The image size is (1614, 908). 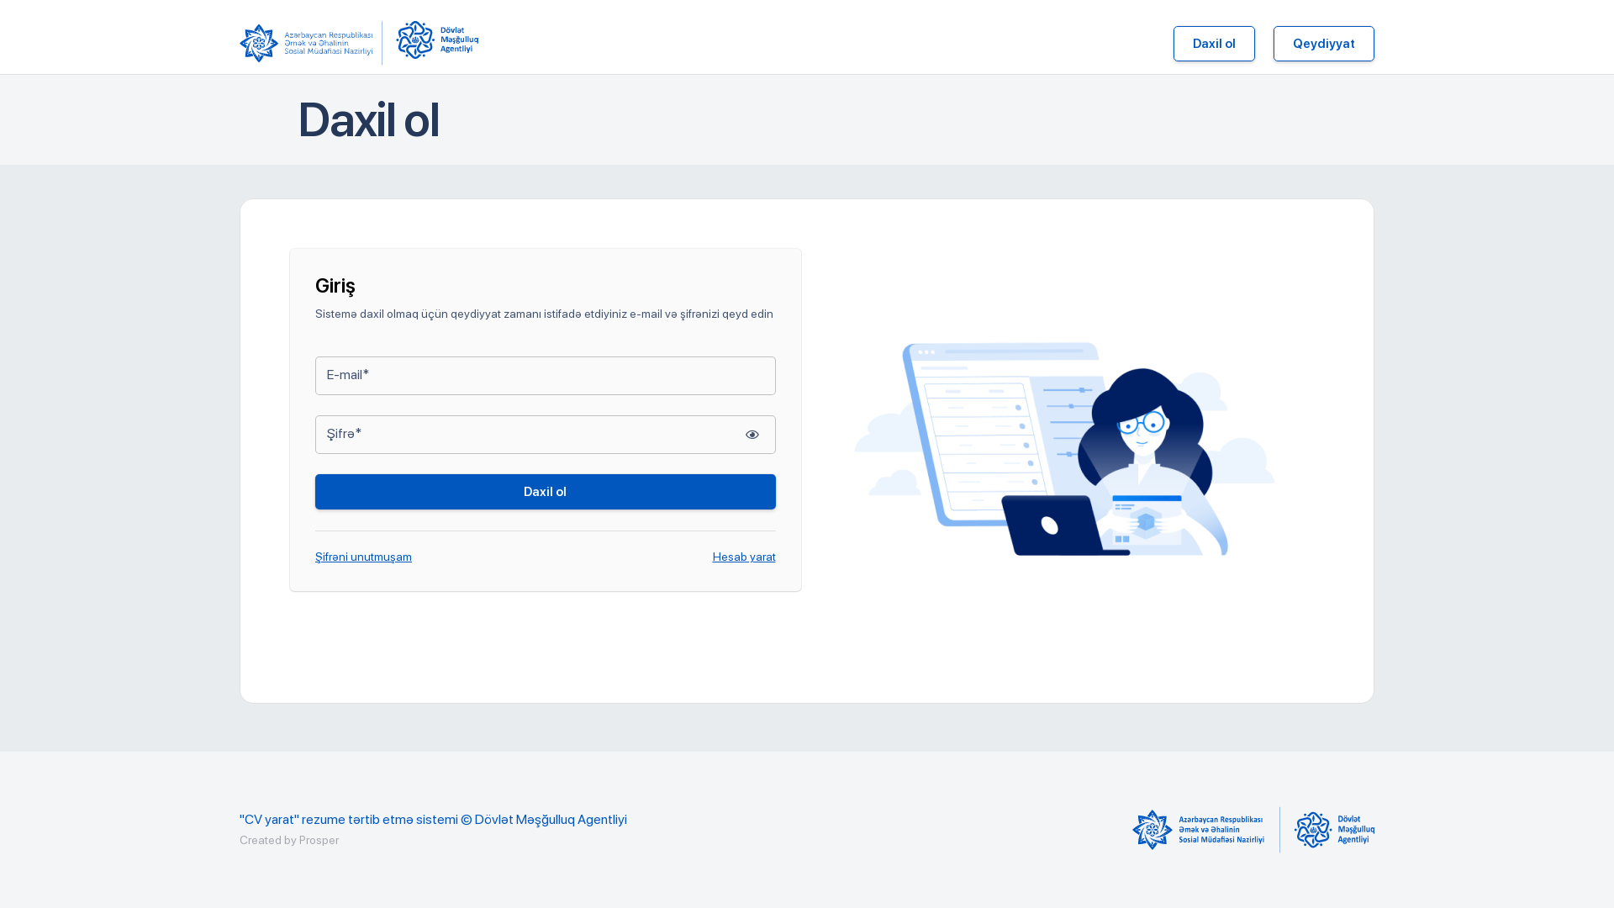 What do you see at coordinates (1322, 42) in the screenshot?
I see `'Qeydiyyat'` at bounding box center [1322, 42].